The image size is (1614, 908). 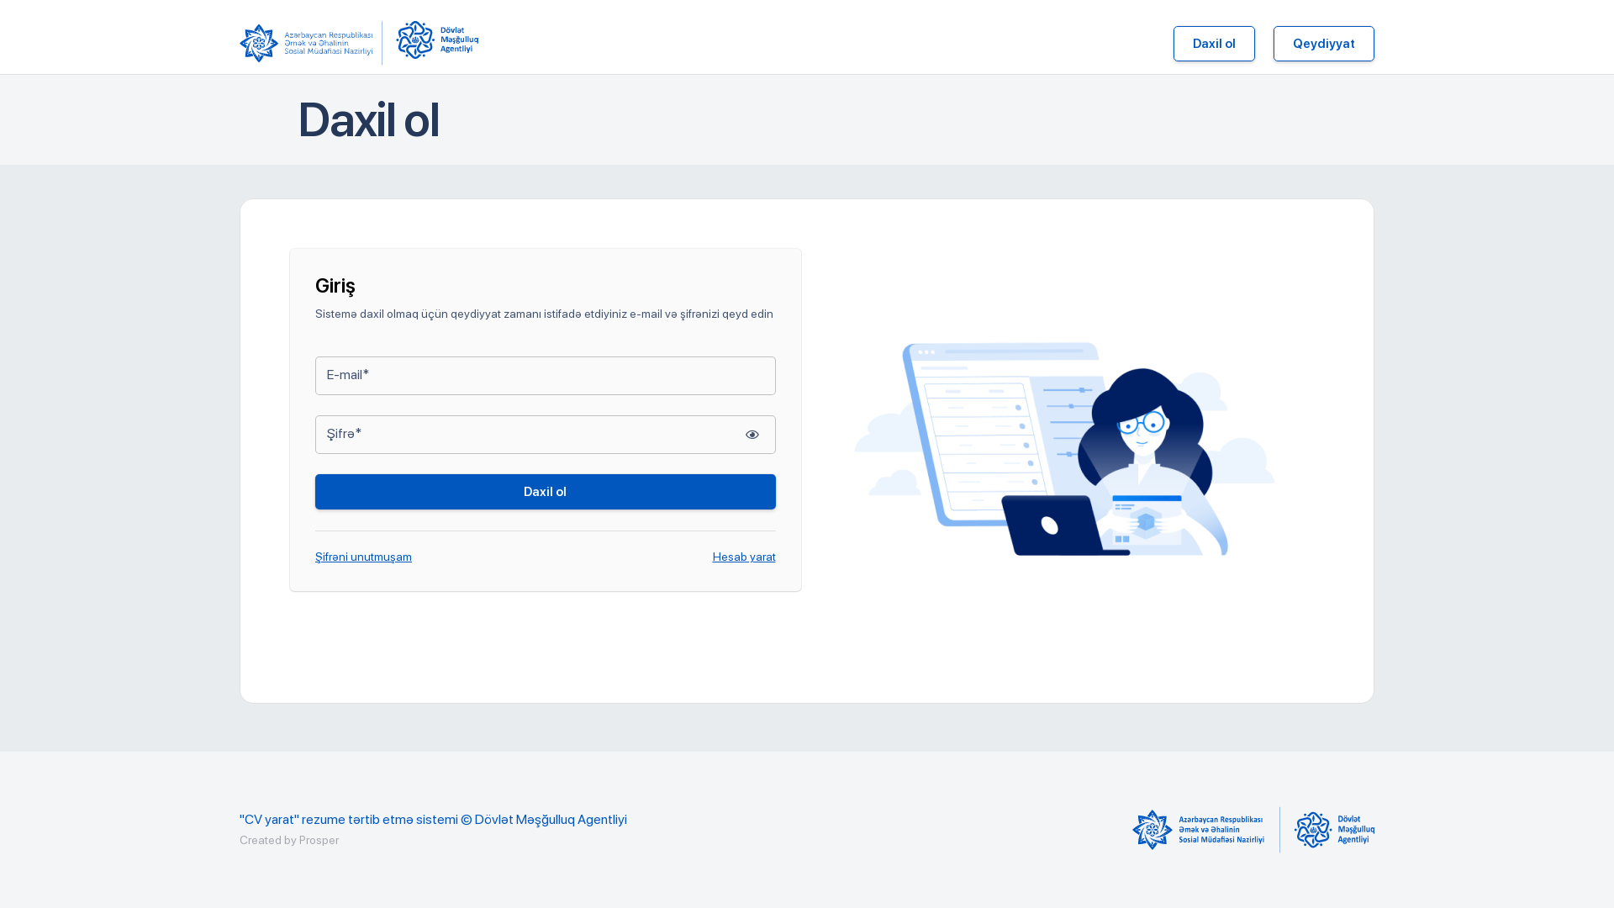 What do you see at coordinates (1322, 42) in the screenshot?
I see `'Qeydiyyat'` at bounding box center [1322, 42].